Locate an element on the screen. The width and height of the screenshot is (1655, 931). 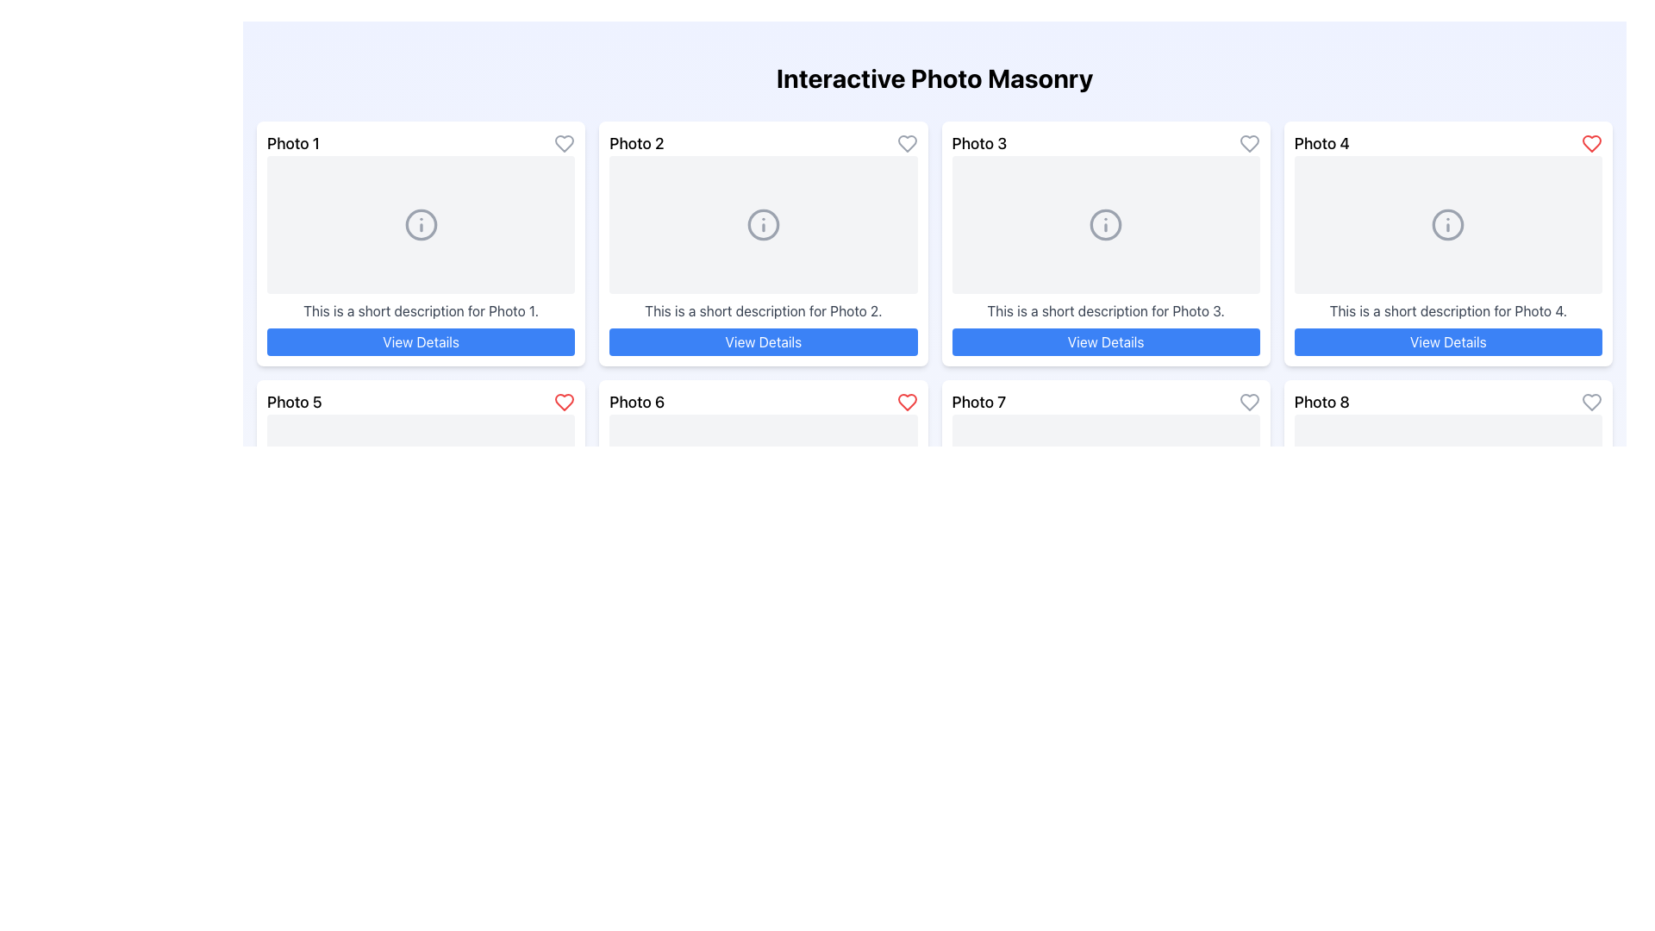
header text element positioned at the very top of the layout, which serves as a label for the collection of photo items below is located at coordinates (934, 78).